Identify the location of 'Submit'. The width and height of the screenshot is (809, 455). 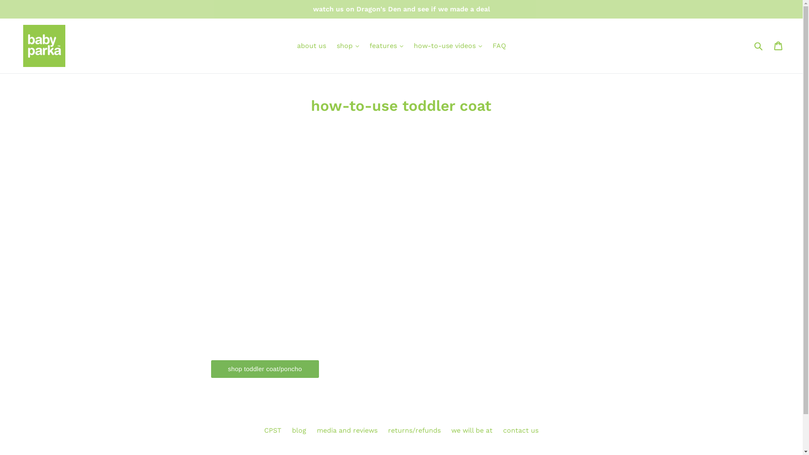
(758, 45).